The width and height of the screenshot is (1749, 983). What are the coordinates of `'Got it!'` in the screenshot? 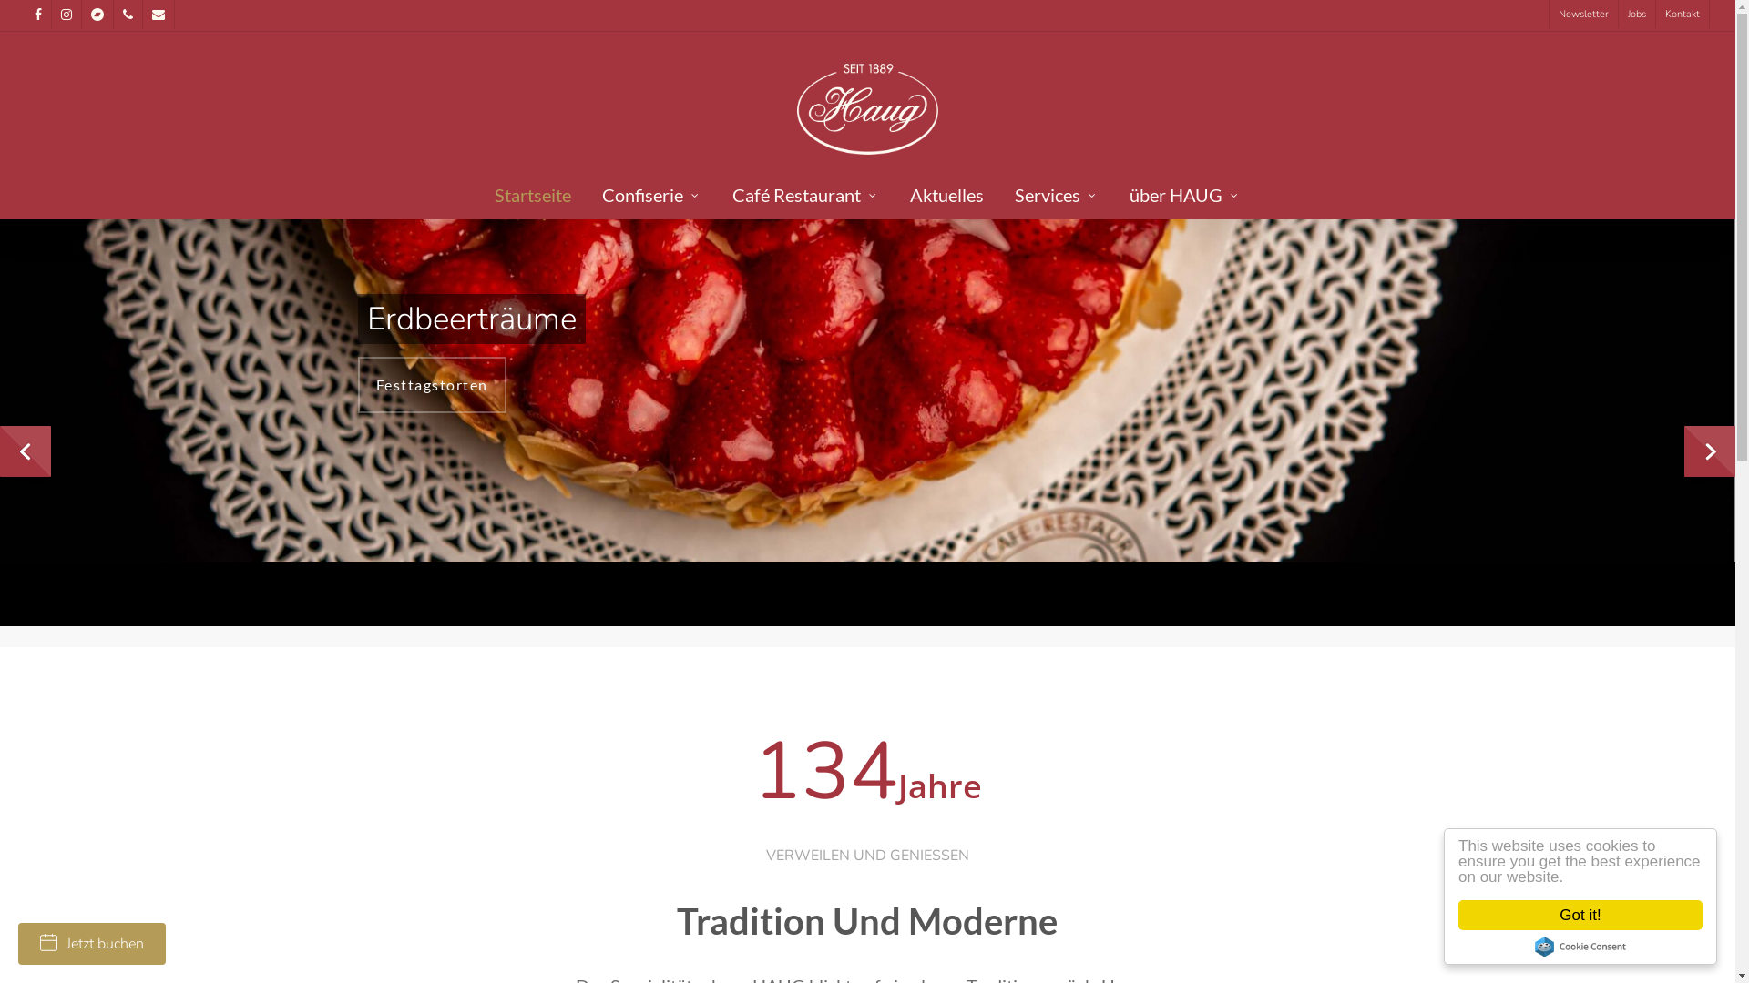 It's located at (1458, 915).